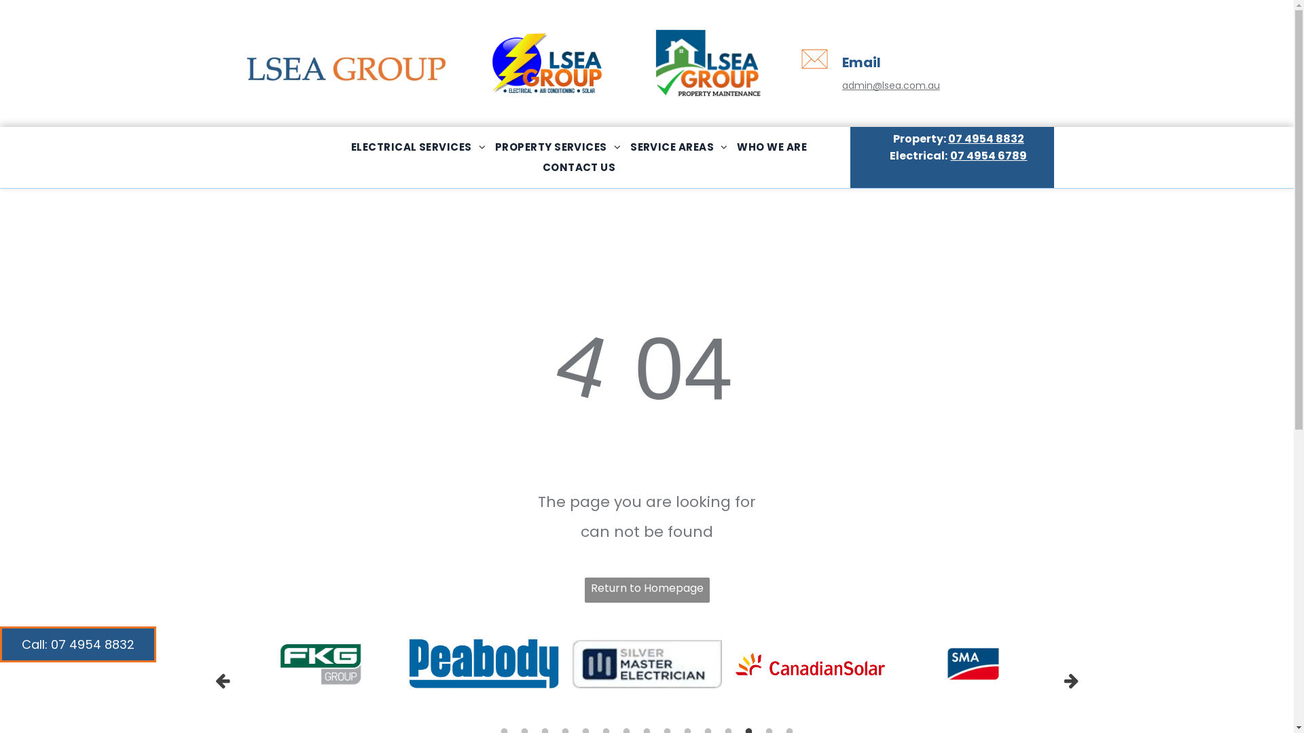 This screenshot has width=1304, height=733. Describe the element at coordinates (579, 166) in the screenshot. I see `'CONTACT US'` at that location.